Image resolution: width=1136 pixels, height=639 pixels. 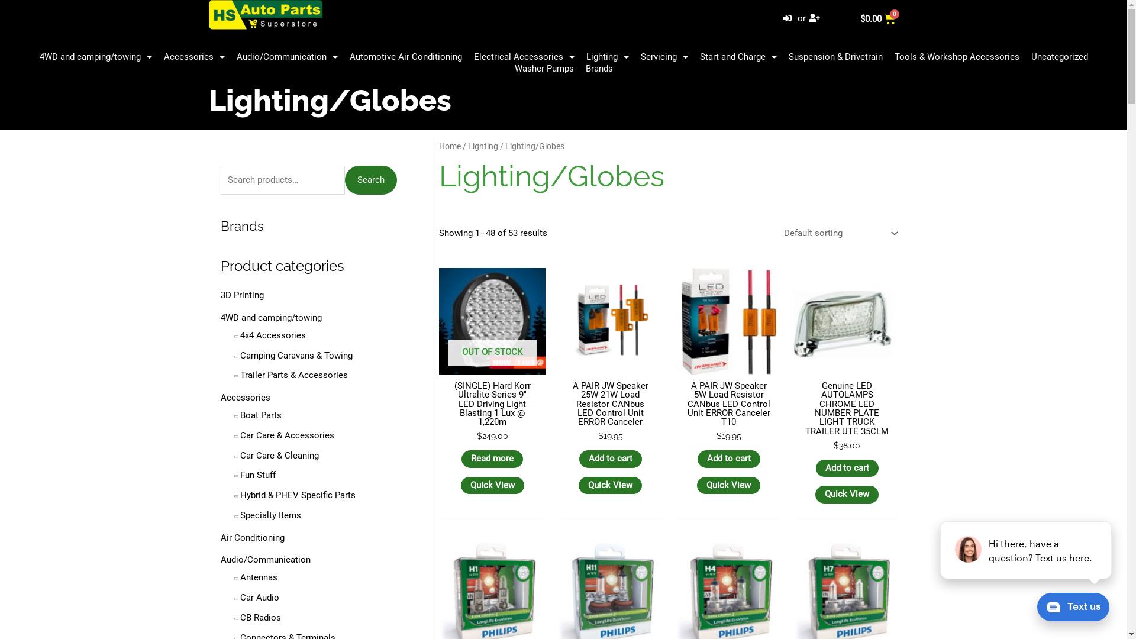 What do you see at coordinates (287, 435) in the screenshot?
I see `'Car Care & Accessories'` at bounding box center [287, 435].